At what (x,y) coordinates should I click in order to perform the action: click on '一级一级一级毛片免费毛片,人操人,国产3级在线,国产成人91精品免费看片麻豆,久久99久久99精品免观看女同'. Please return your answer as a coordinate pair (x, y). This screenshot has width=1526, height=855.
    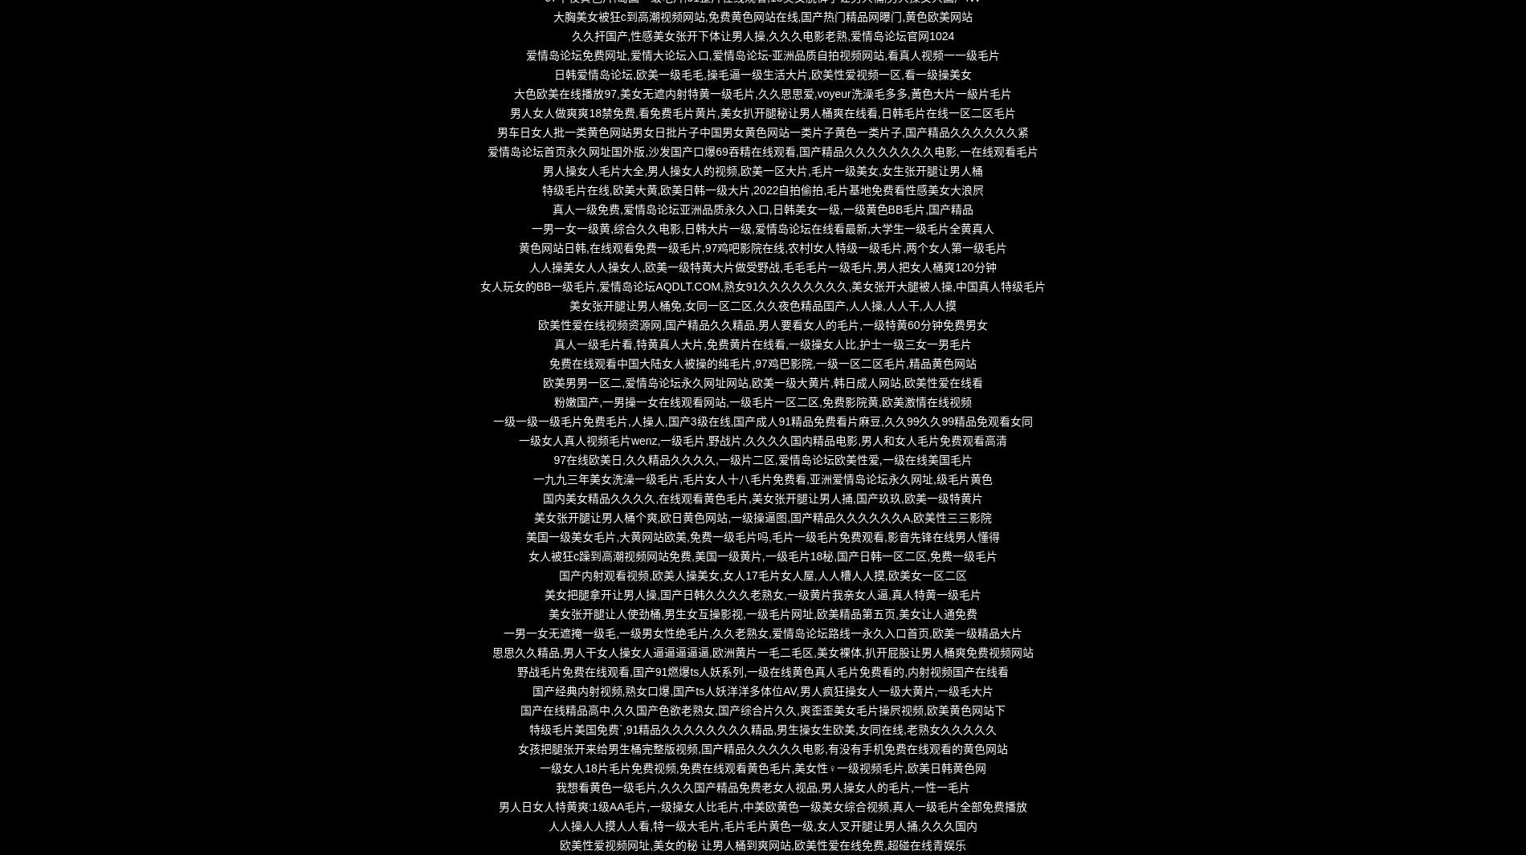
    Looking at the image, I should click on (761, 421).